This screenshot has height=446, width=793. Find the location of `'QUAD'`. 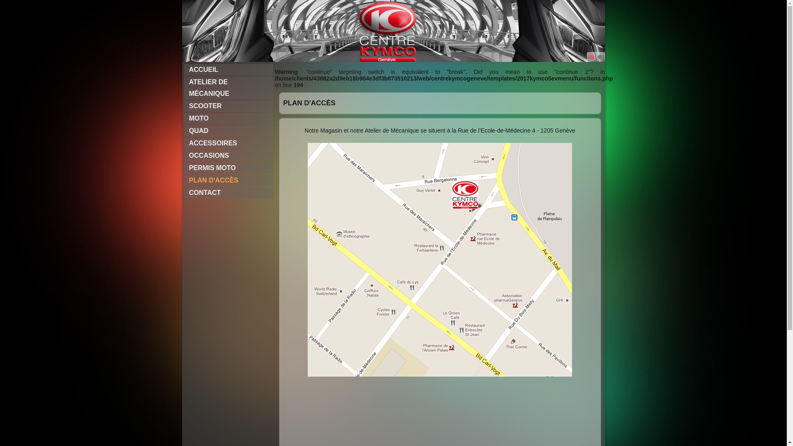

'QUAD' is located at coordinates (228, 130).